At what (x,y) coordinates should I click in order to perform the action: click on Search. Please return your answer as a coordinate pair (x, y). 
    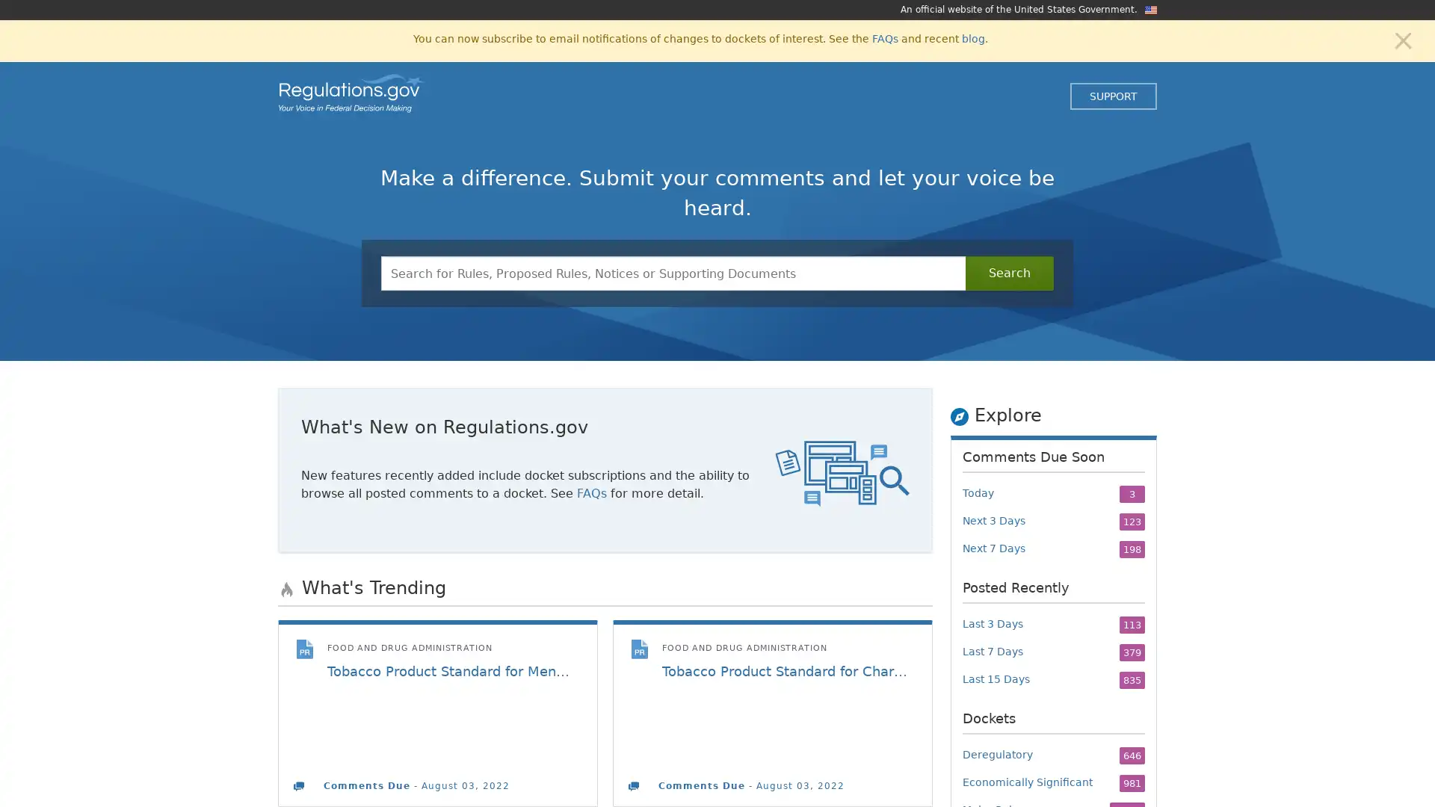
    Looking at the image, I should click on (1009, 273).